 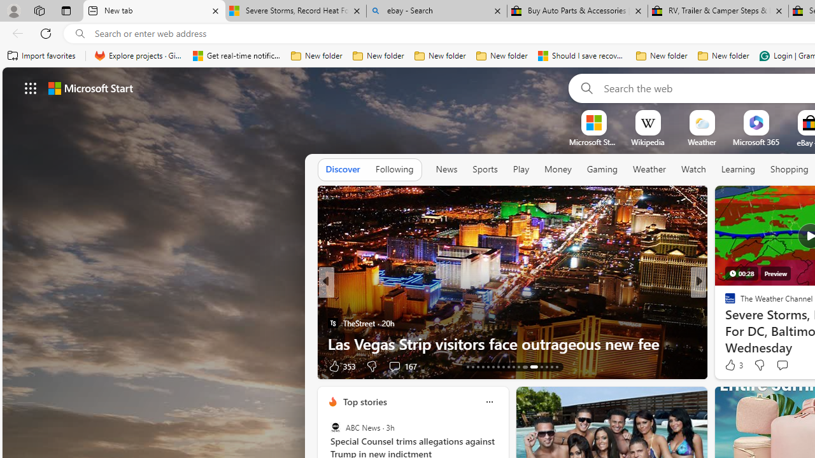 I want to click on 'AutomationID: tab-13', so click(x=467, y=367).